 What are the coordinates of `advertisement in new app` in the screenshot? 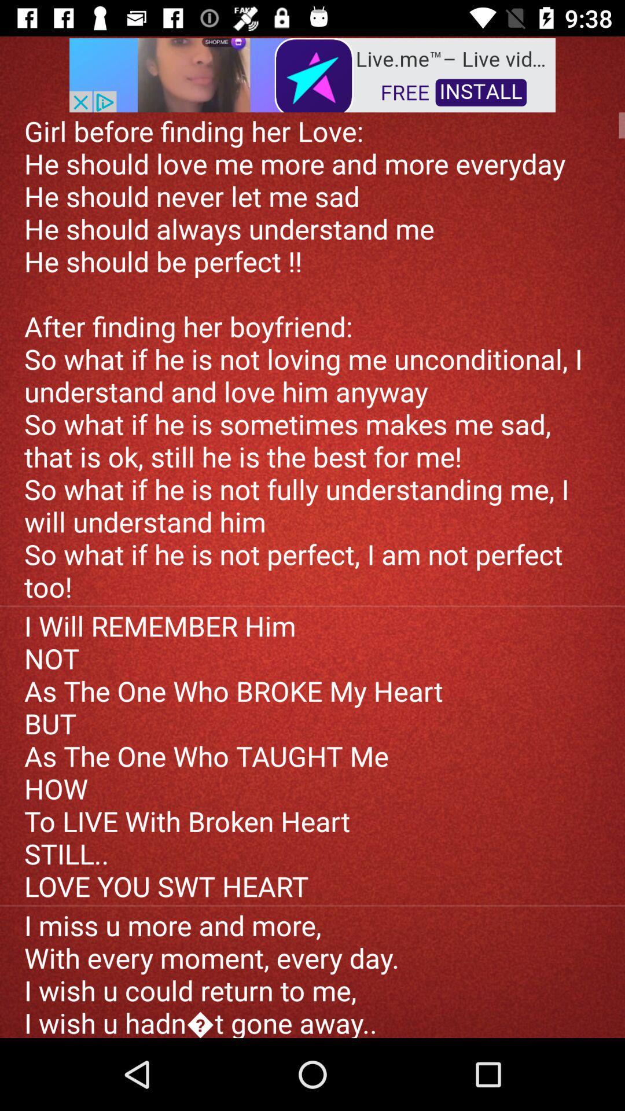 It's located at (312, 73).